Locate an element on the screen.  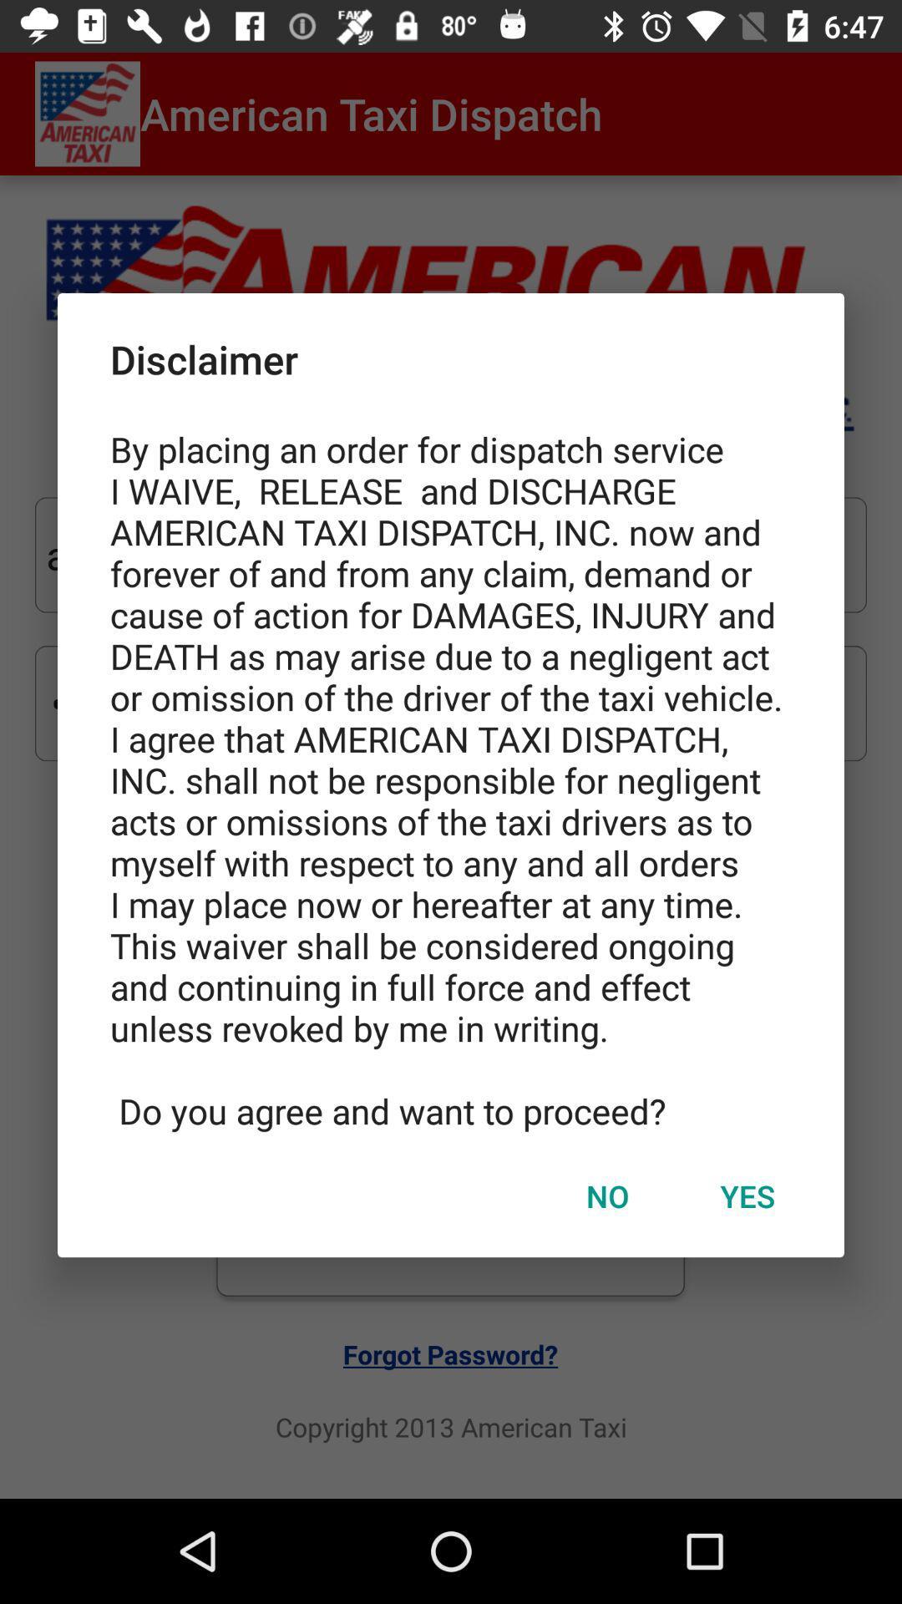
the item below the by placing an item is located at coordinates (607, 1195).